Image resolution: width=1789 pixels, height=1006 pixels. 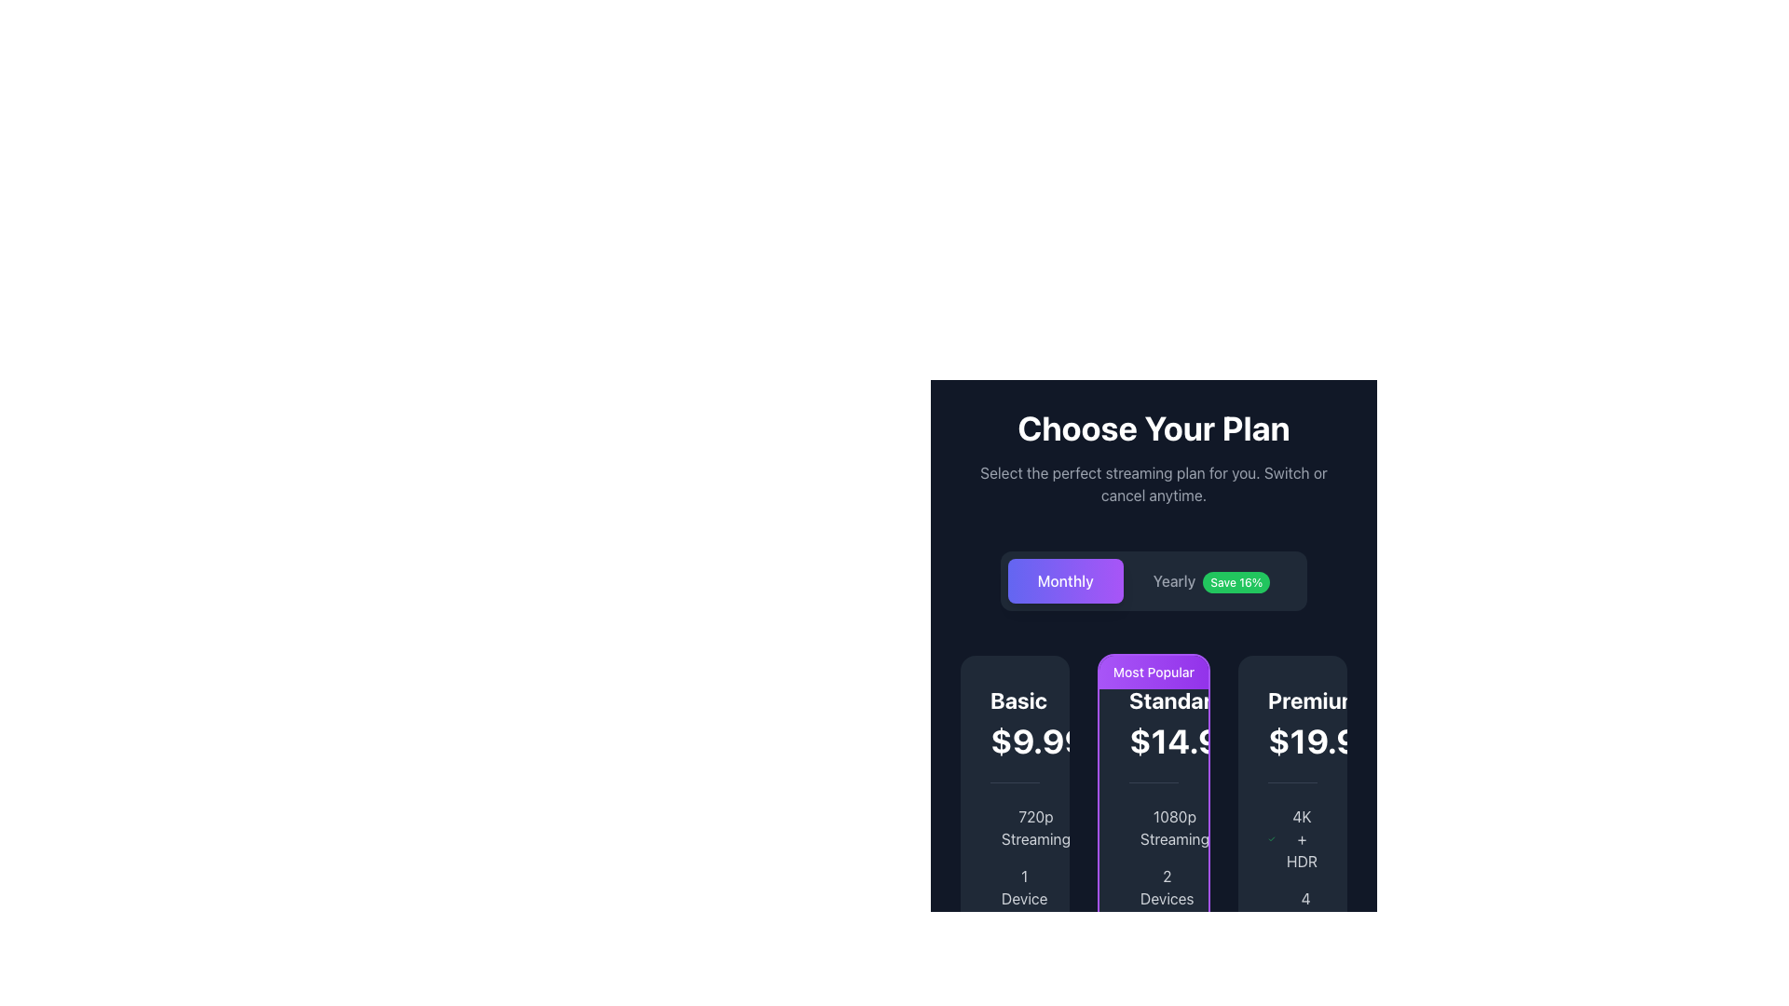 What do you see at coordinates (1236, 581) in the screenshot?
I see `the promotional offer badge located to the right of the 'Yearly' subscription button, which indicates savings percentage` at bounding box center [1236, 581].